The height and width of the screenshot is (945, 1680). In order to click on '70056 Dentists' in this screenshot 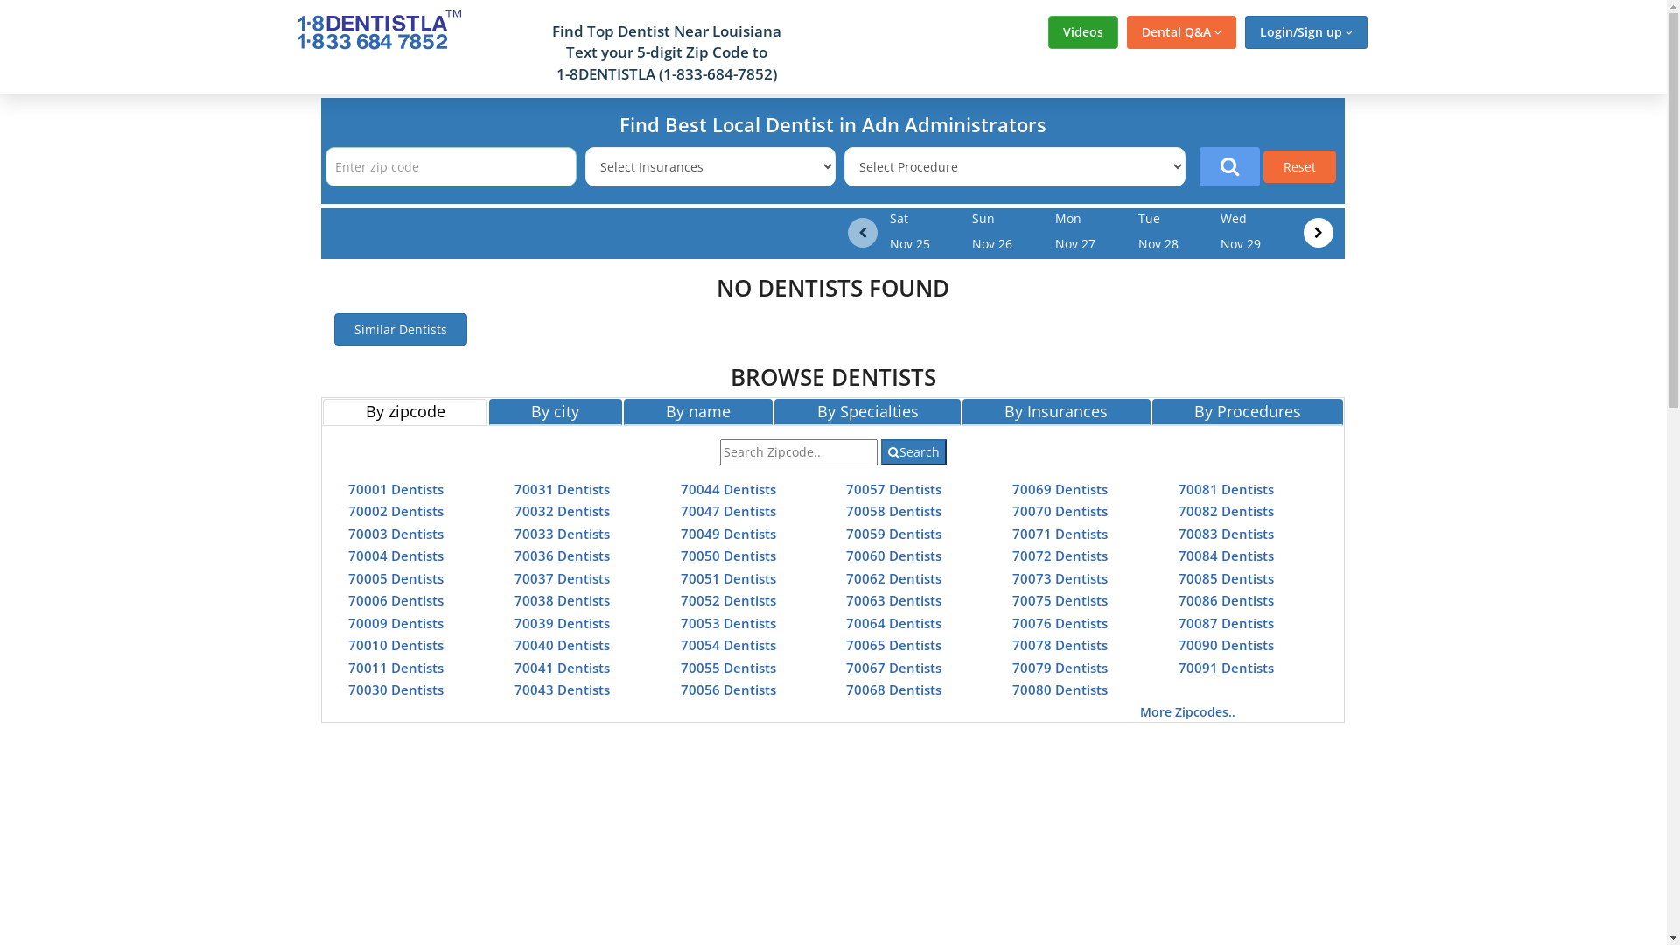, I will do `click(679, 688)`.